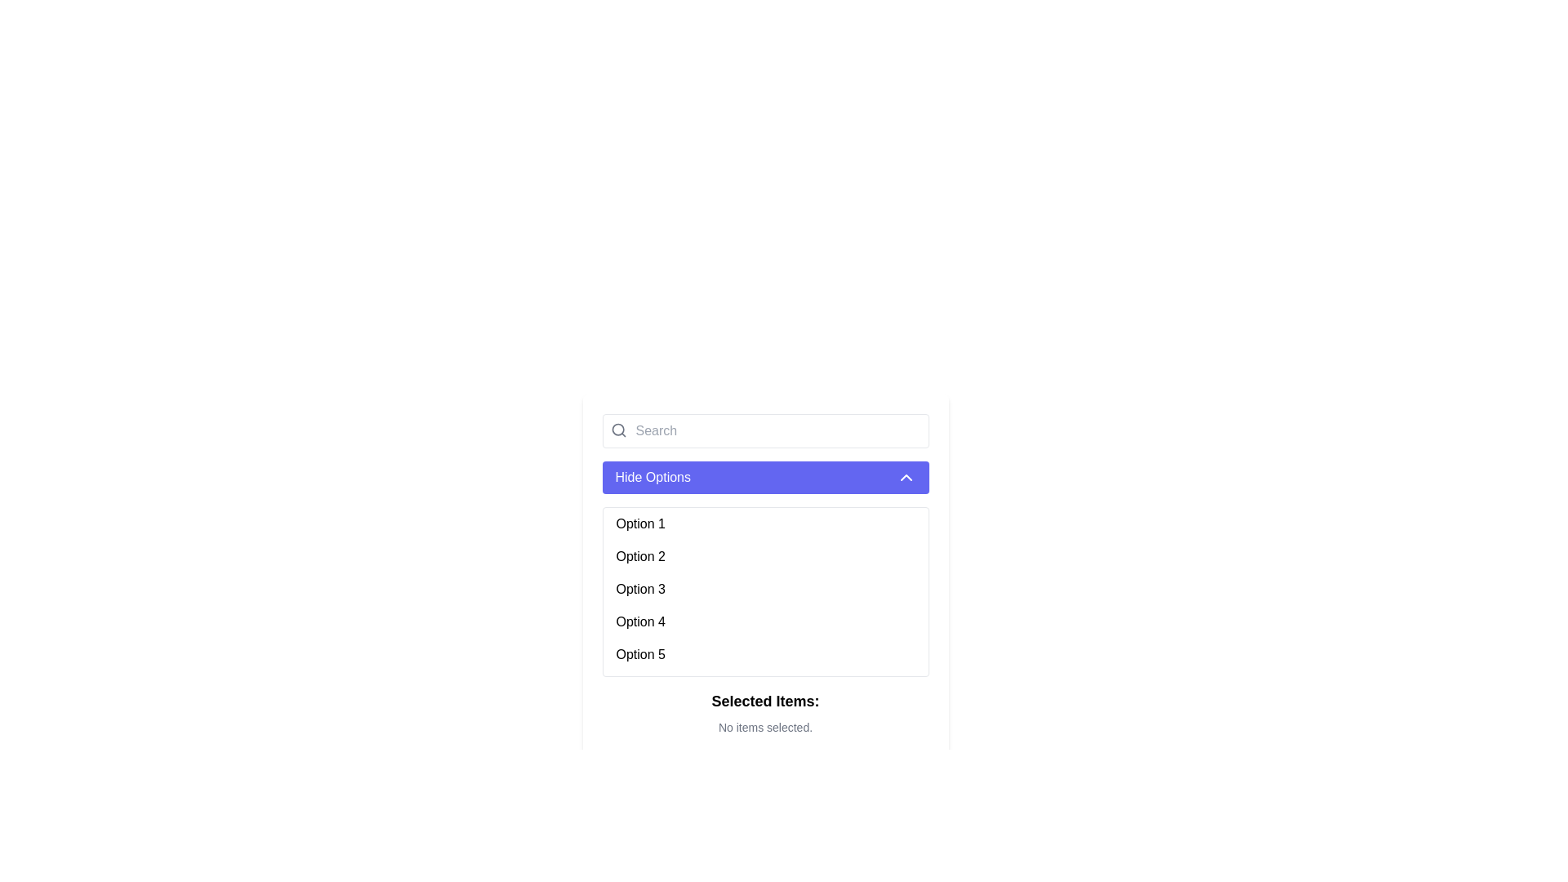  Describe the element at coordinates (764, 701) in the screenshot. I see `the bold, black text label reading 'Selected Items:' located at the bottom section of the interface` at that location.